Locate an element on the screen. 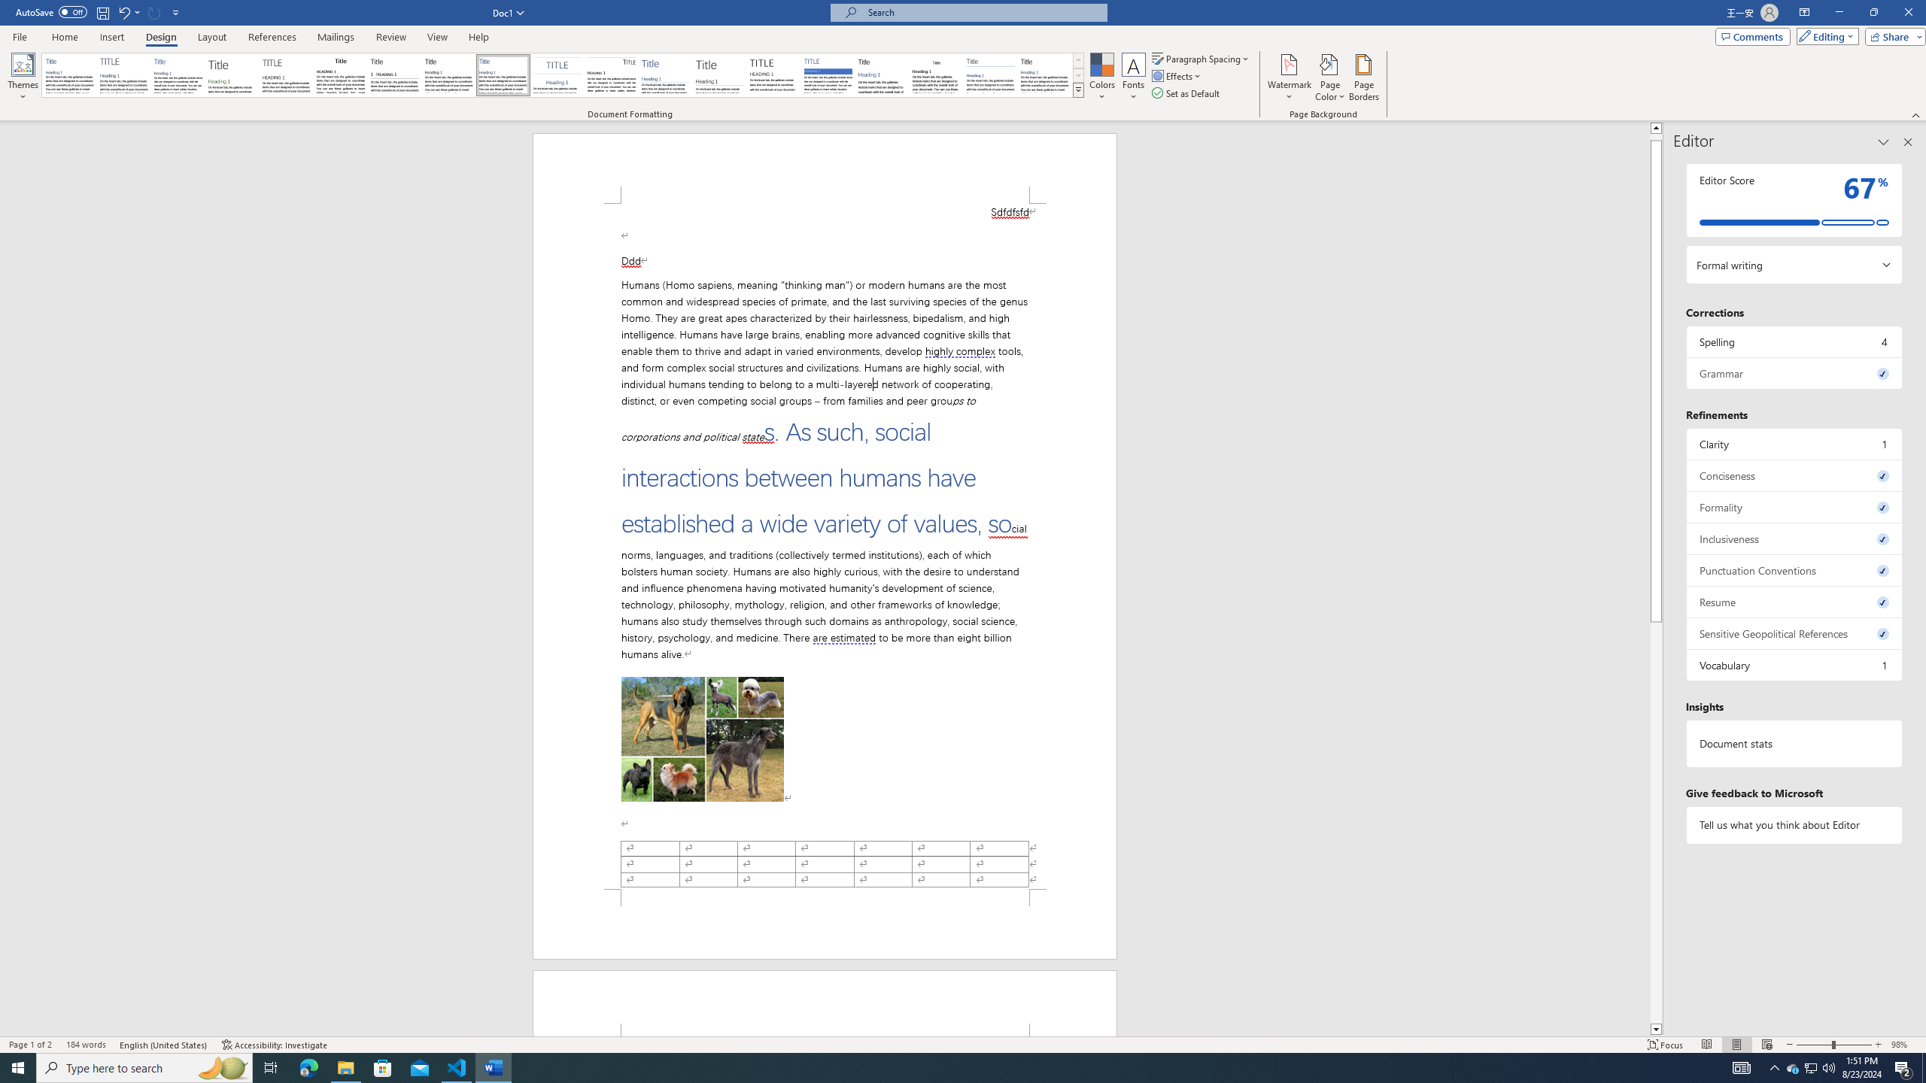 The image size is (1926, 1083). 'Tell us what you think about Editor' is located at coordinates (1794, 824).